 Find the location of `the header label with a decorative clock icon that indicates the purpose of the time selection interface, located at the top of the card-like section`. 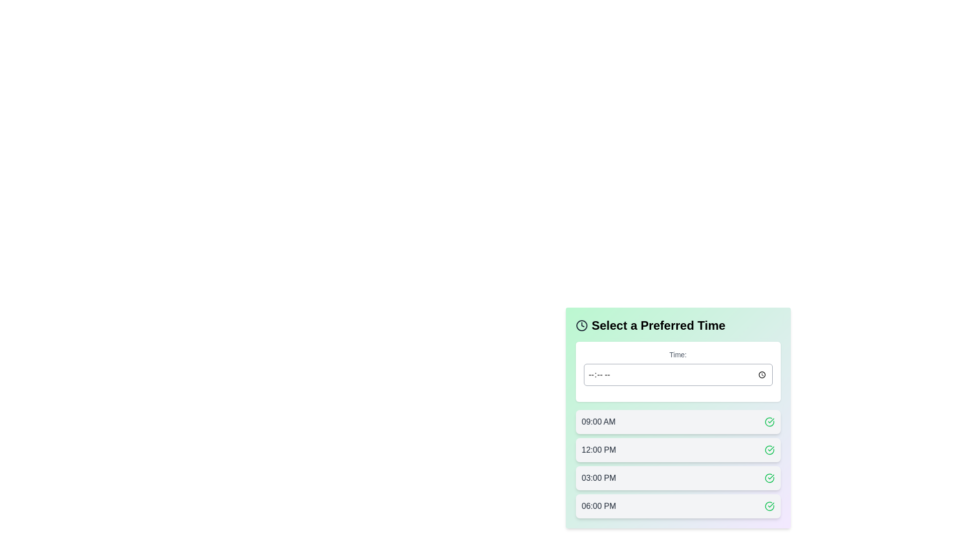

the header label with a decorative clock icon that indicates the purpose of the time selection interface, located at the top of the card-like section is located at coordinates (678, 325).